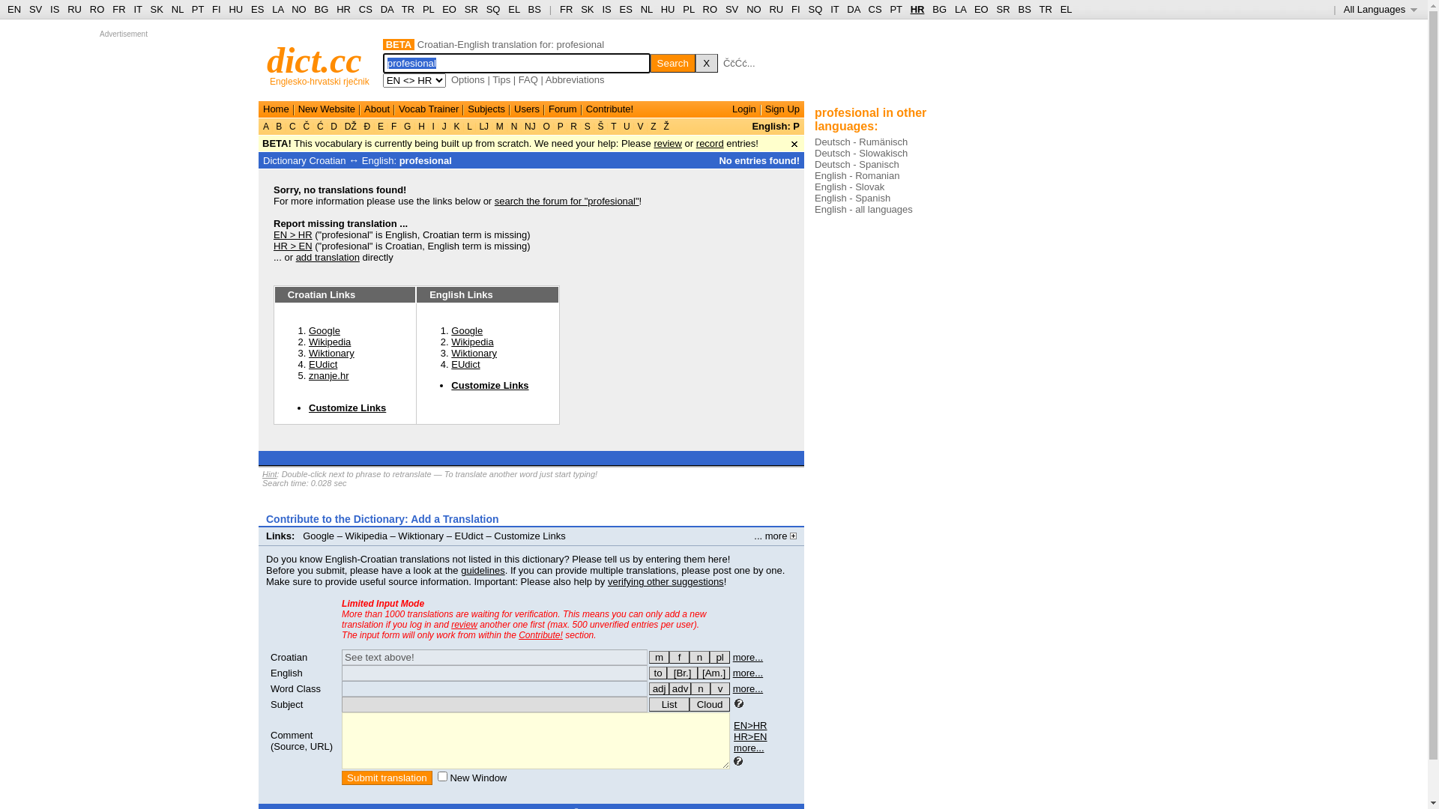 The height and width of the screenshot is (809, 1439). Describe the element at coordinates (699, 656) in the screenshot. I see `'srednji rod'` at that location.